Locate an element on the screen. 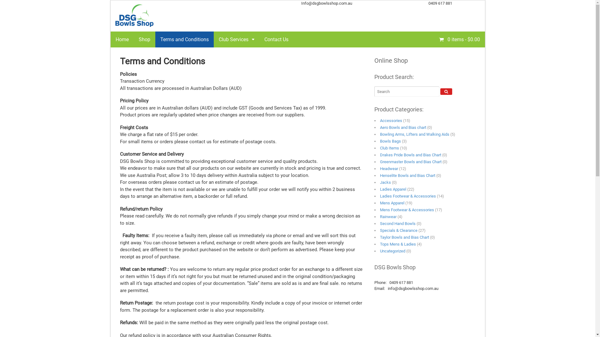 Image resolution: width=600 pixels, height=337 pixels. 'Club Items' is located at coordinates (389, 148).